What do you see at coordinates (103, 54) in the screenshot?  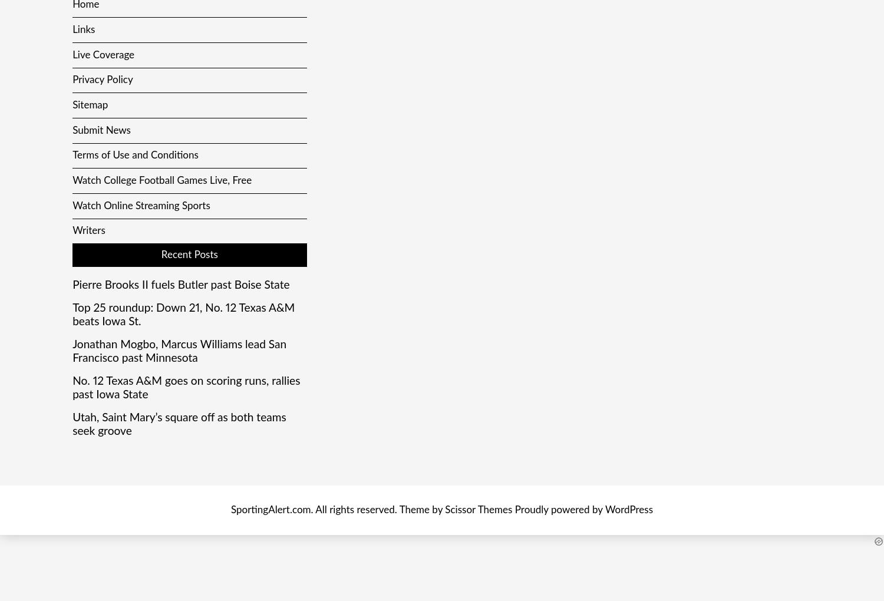 I see `'Live Coverage'` at bounding box center [103, 54].